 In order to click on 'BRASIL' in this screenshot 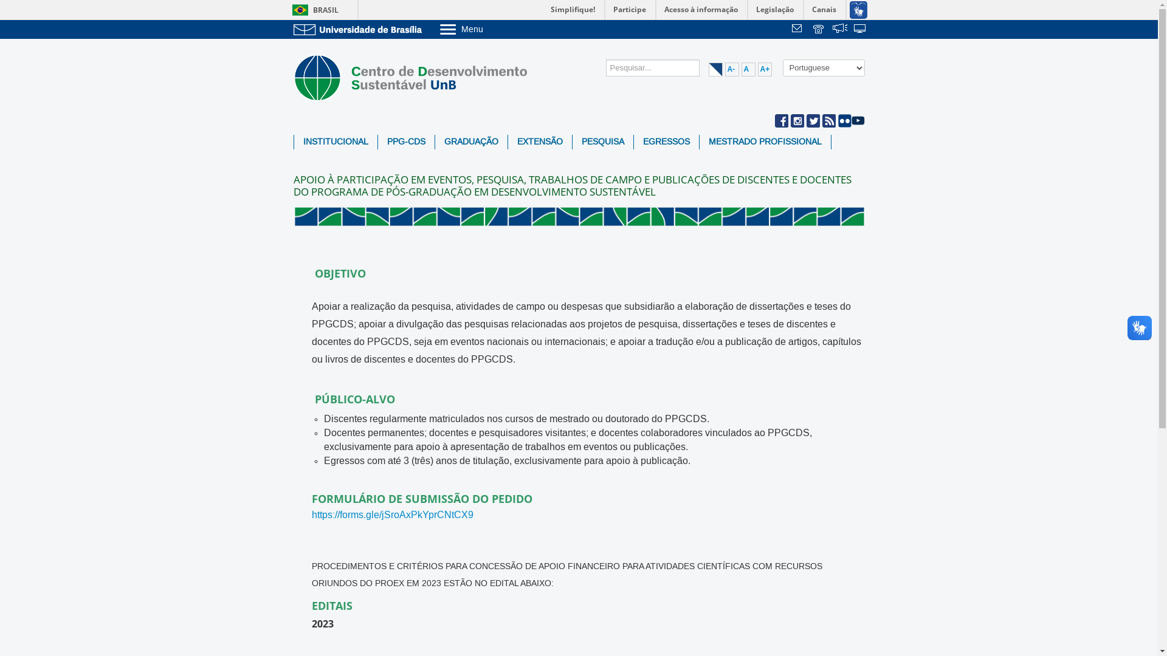, I will do `click(312, 10)`.